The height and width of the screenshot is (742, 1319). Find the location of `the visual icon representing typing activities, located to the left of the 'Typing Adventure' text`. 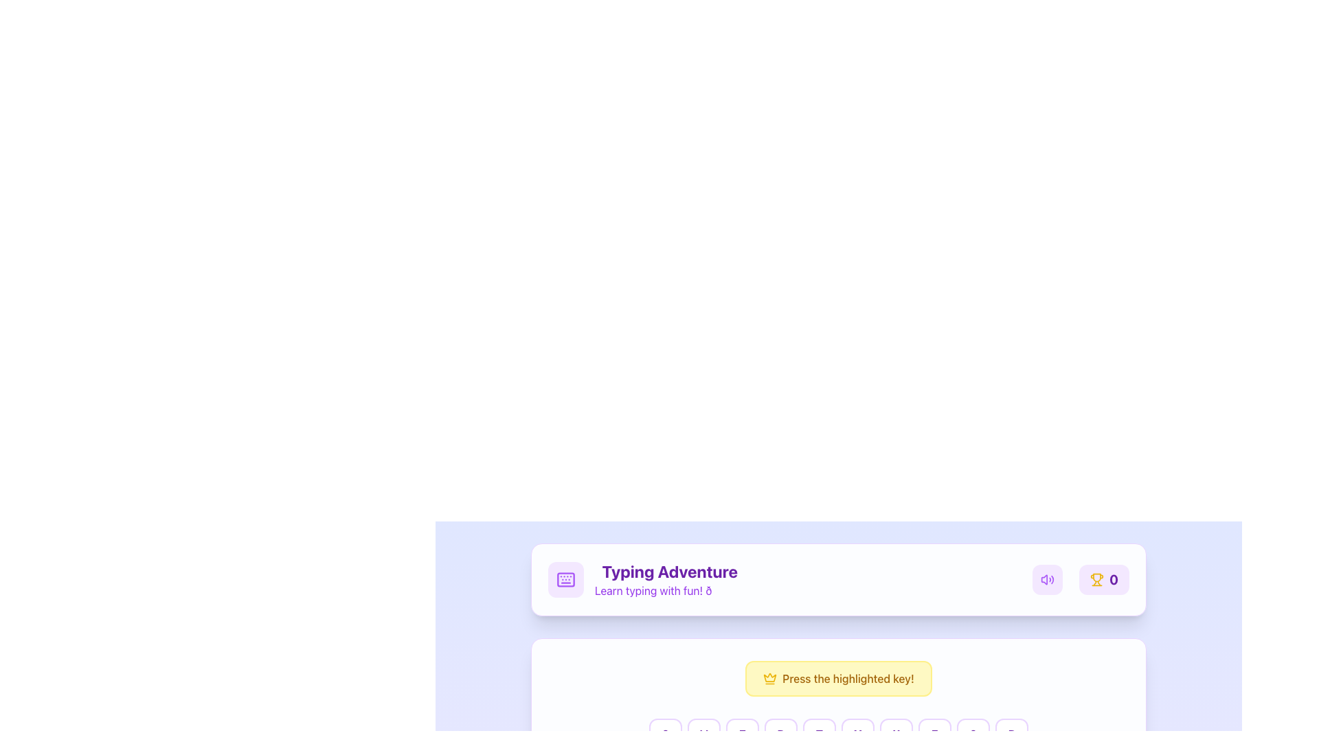

the visual icon representing typing activities, located to the left of the 'Typing Adventure' text is located at coordinates (566, 580).